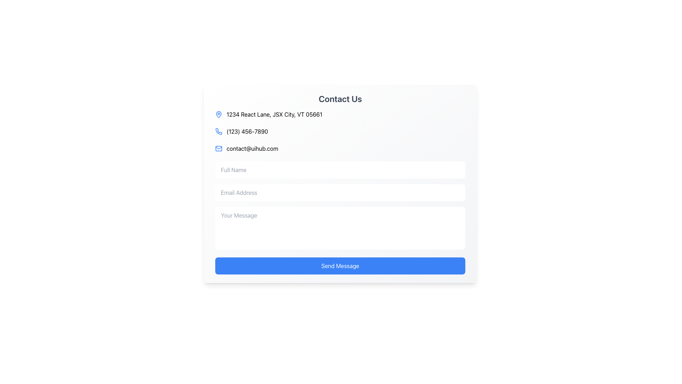  What do you see at coordinates (340, 148) in the screenshot?
I see `the third item in the contact information list that displays the email contact for the UI Hub service` at bounding box center [340, 148].